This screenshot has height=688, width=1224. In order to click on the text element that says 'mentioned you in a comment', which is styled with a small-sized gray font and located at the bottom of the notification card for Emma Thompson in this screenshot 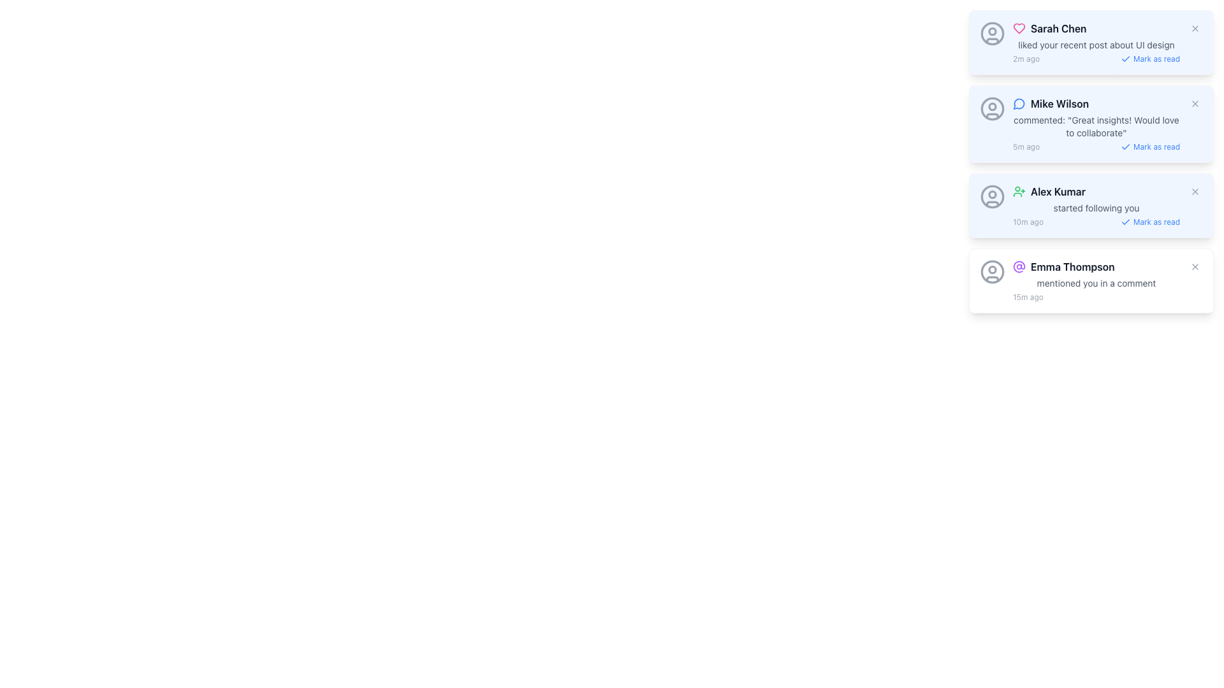, I will do `click(1095, 282)`.